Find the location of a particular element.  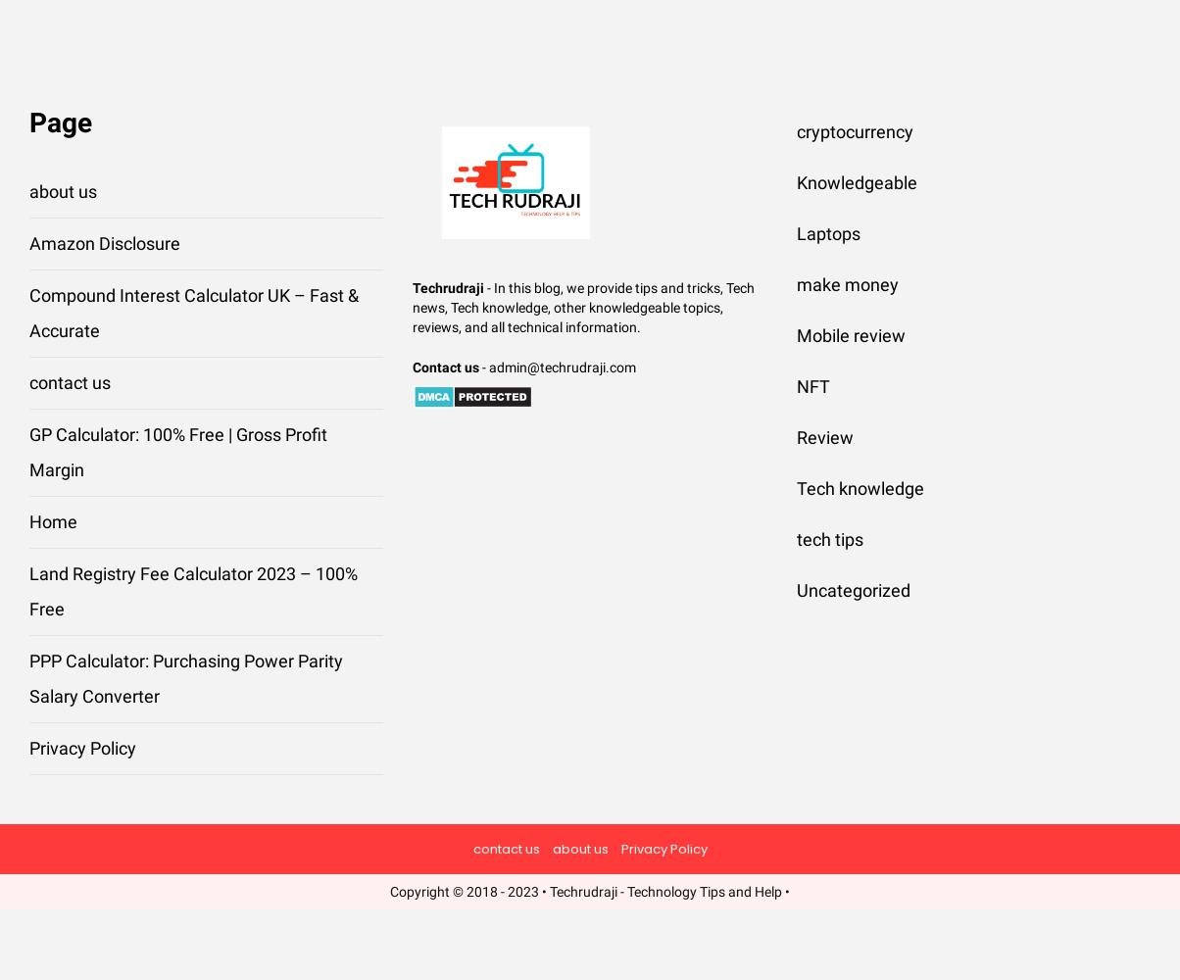

'Tech knowledge' is located at coordinates (859, 486).